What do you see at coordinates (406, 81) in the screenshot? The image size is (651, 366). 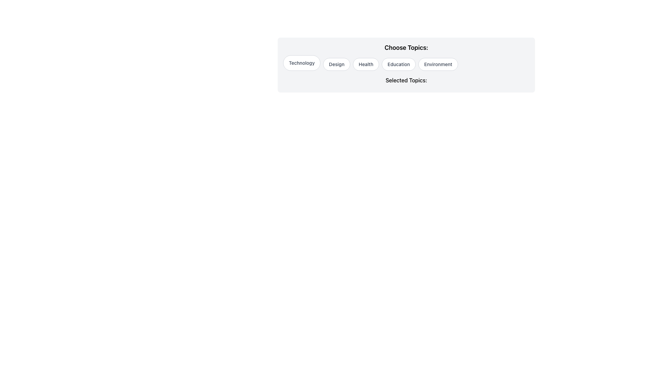 I see `the text label stating 'Selected Topics:' which is positioned beneath the topic selection buttons` at bounding box center [406, 81].